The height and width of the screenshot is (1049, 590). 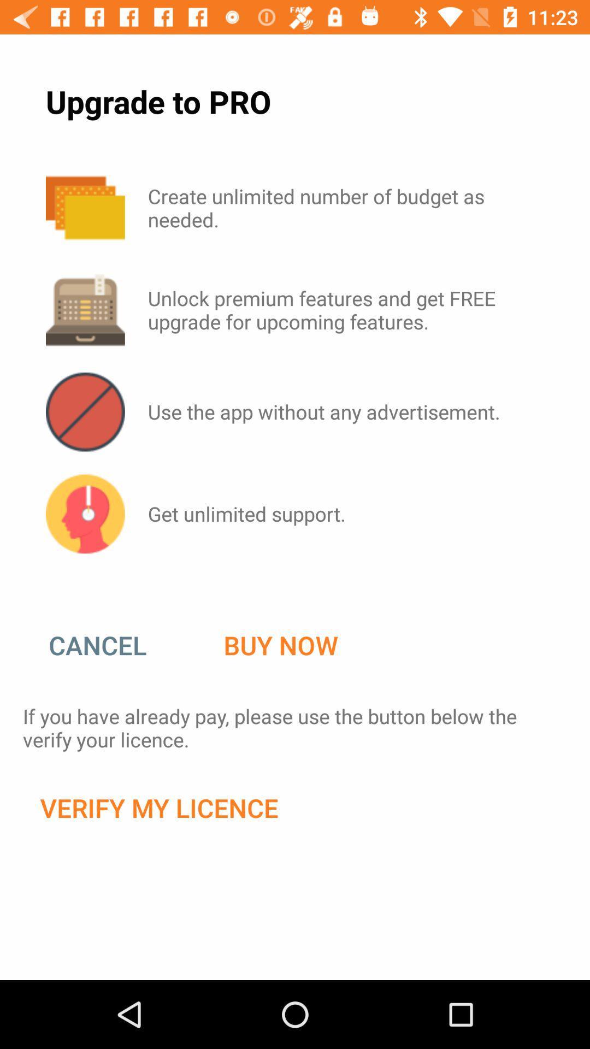 What do you see at coordinates (280, 645) in the screenshot?
I see `item below the get unlimited support. icon` at bounding box center [280, 645].